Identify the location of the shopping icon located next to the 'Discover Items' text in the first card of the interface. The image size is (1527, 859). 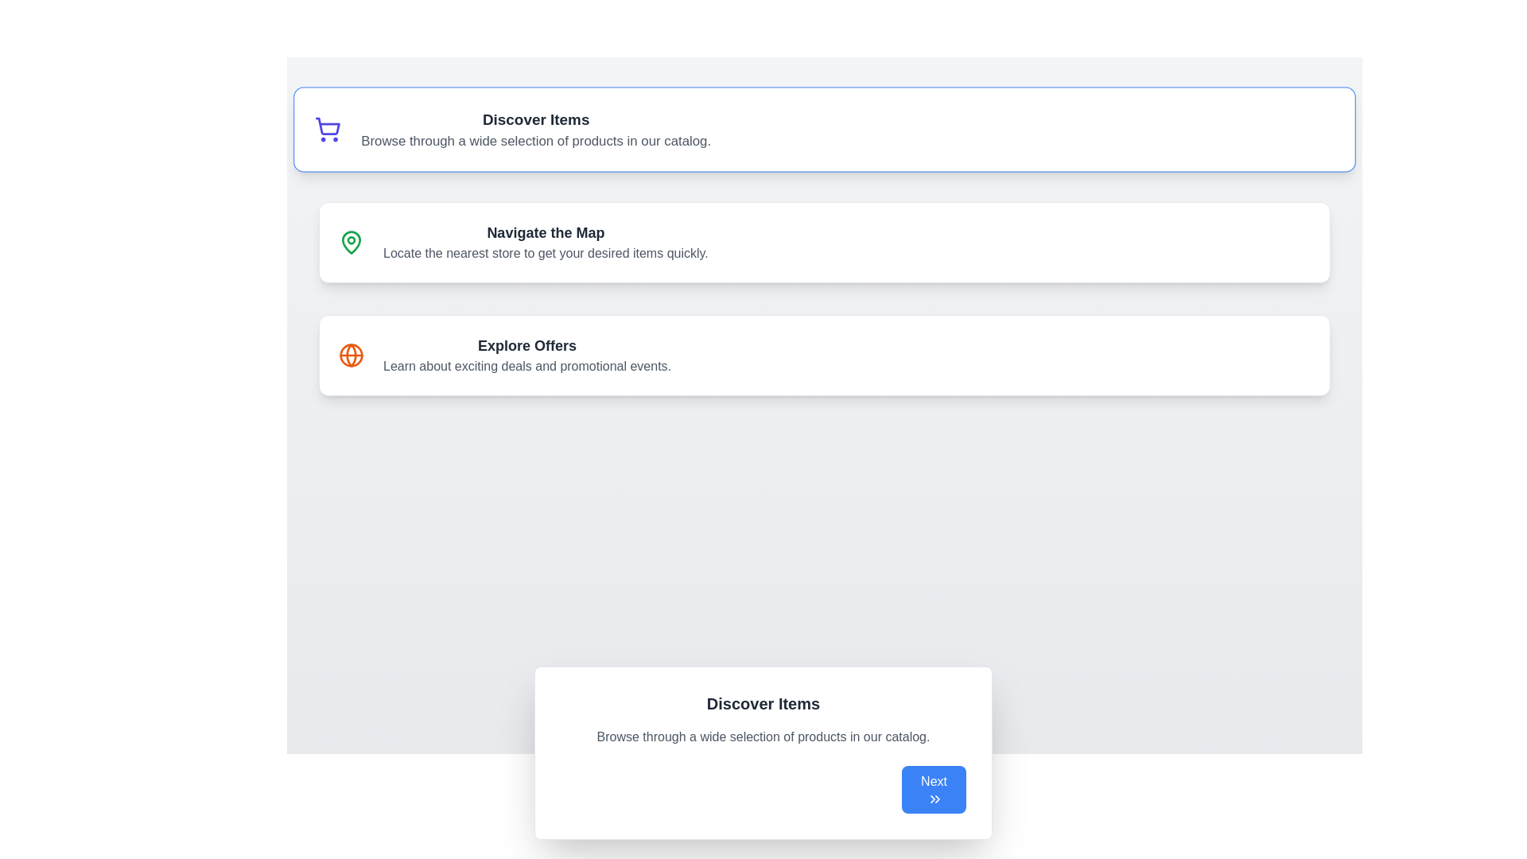
(327, 125).